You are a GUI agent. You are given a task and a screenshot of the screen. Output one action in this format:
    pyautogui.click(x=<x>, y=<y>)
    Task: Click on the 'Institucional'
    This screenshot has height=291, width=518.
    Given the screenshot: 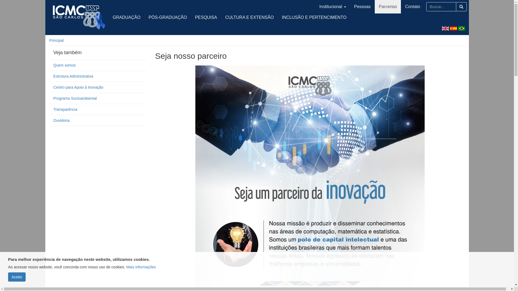 What is the action you would take?
    pyautogui.click(x=332, y=6)
    